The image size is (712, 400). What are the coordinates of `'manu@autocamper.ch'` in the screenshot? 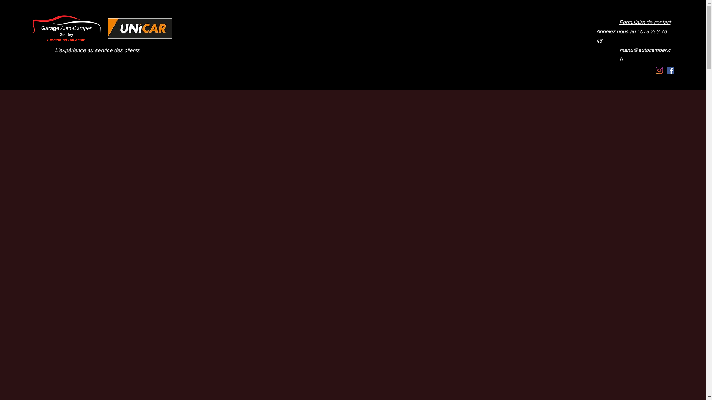 It's located at (645, 41).